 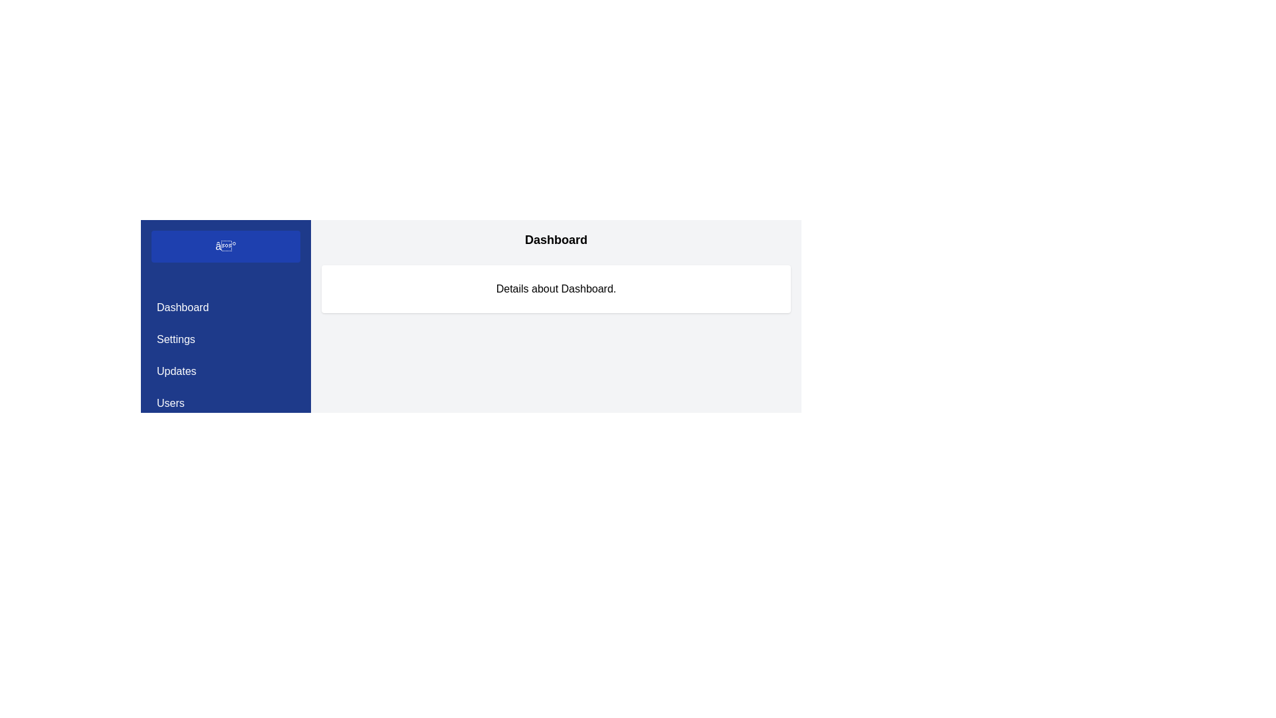 I want to click on the 'Updates' label in the sidebar menu, so click(x=175, y=372).